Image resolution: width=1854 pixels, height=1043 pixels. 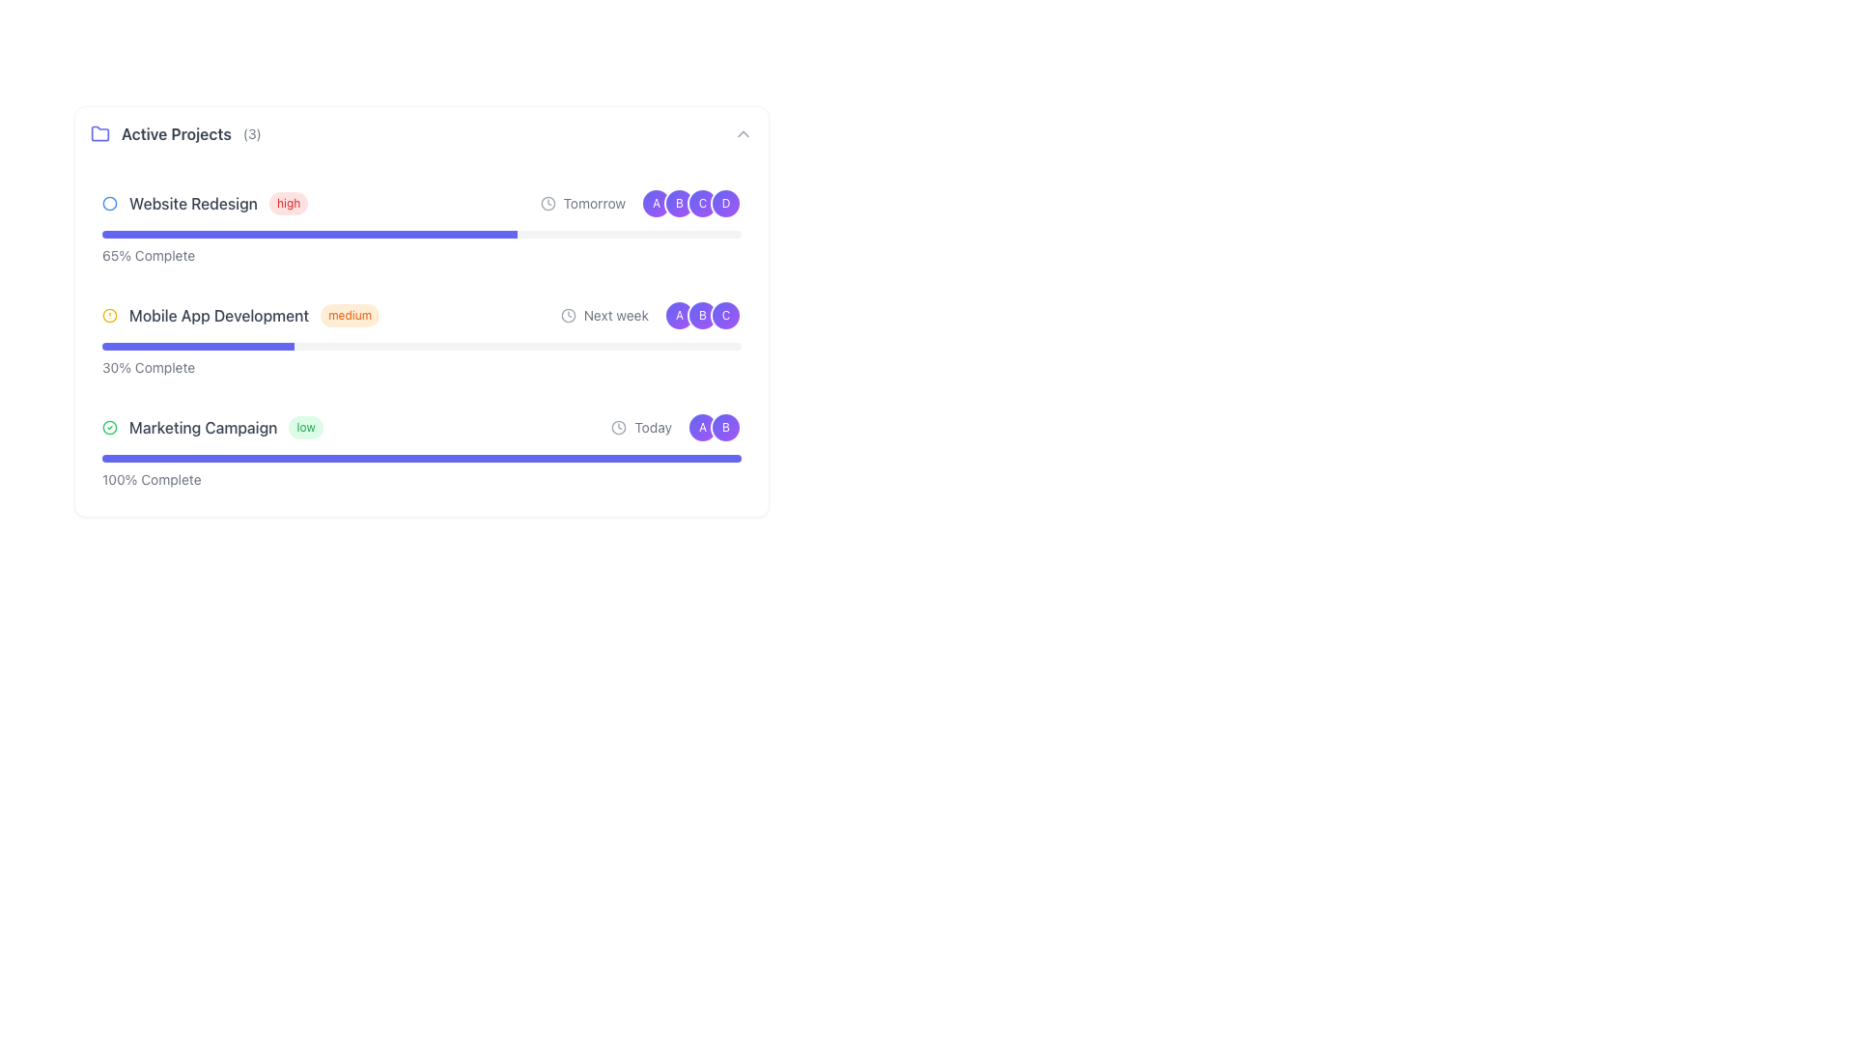 I want to click on the circular badge with the letter 'C' centered inside it, which is the third badge in a row of badges labeled 'A', 'B', and 'C', so click(x=725, y=315).